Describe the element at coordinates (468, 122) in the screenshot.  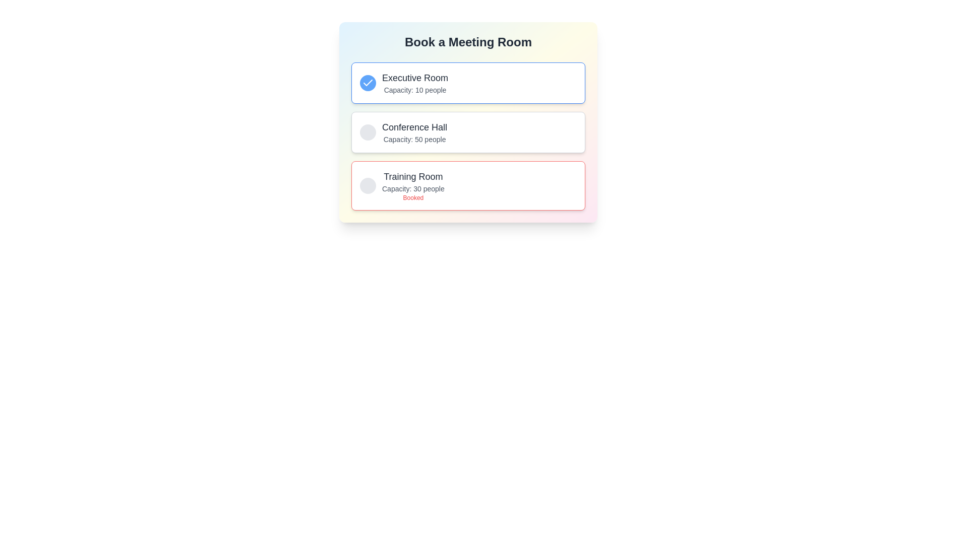
I see `the selectable list item for 'Book a Meeting Room', which is the second section in the list of room options` at that location.